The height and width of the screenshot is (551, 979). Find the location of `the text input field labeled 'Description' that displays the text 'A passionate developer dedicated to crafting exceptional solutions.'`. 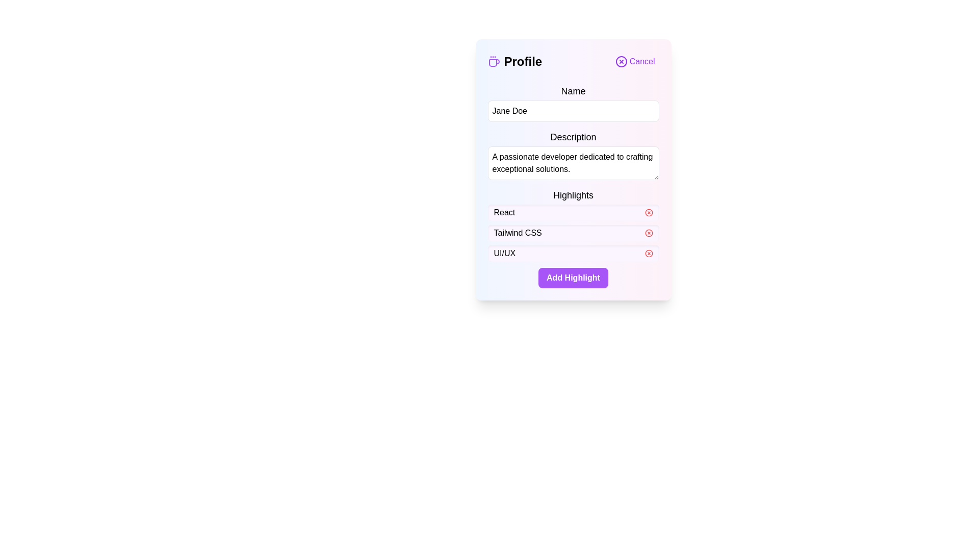

the text input field labeled 'Description' that displays the text 'A passionate developer dedicated to crafting exceptional solutions.' is located at coordinates (573, 155).